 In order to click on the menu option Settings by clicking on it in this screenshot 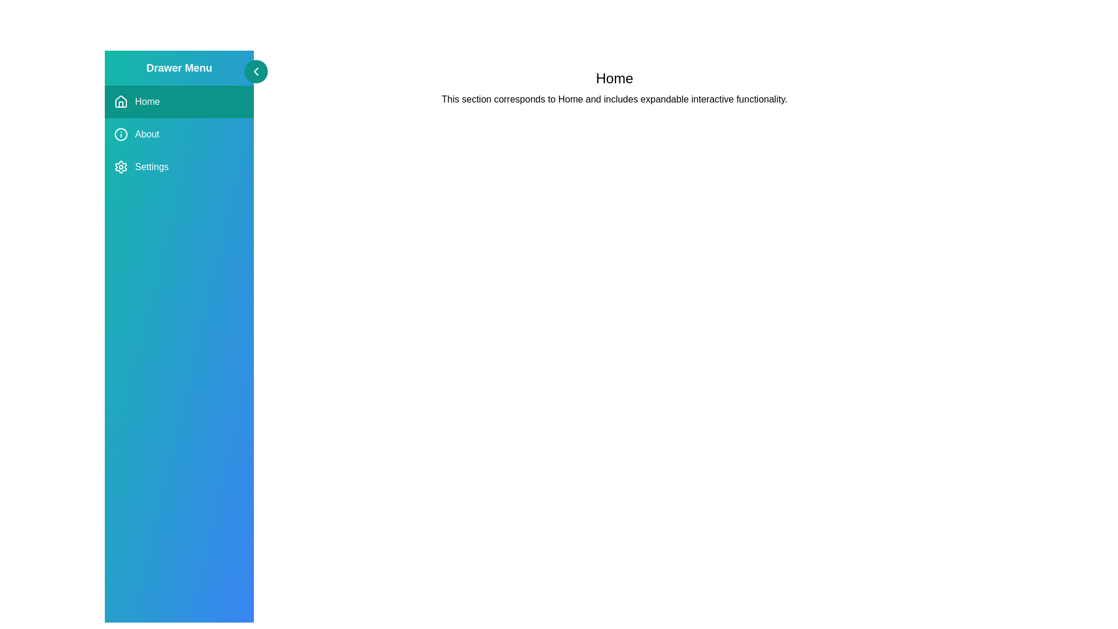, I will do `click(178, 167)`.